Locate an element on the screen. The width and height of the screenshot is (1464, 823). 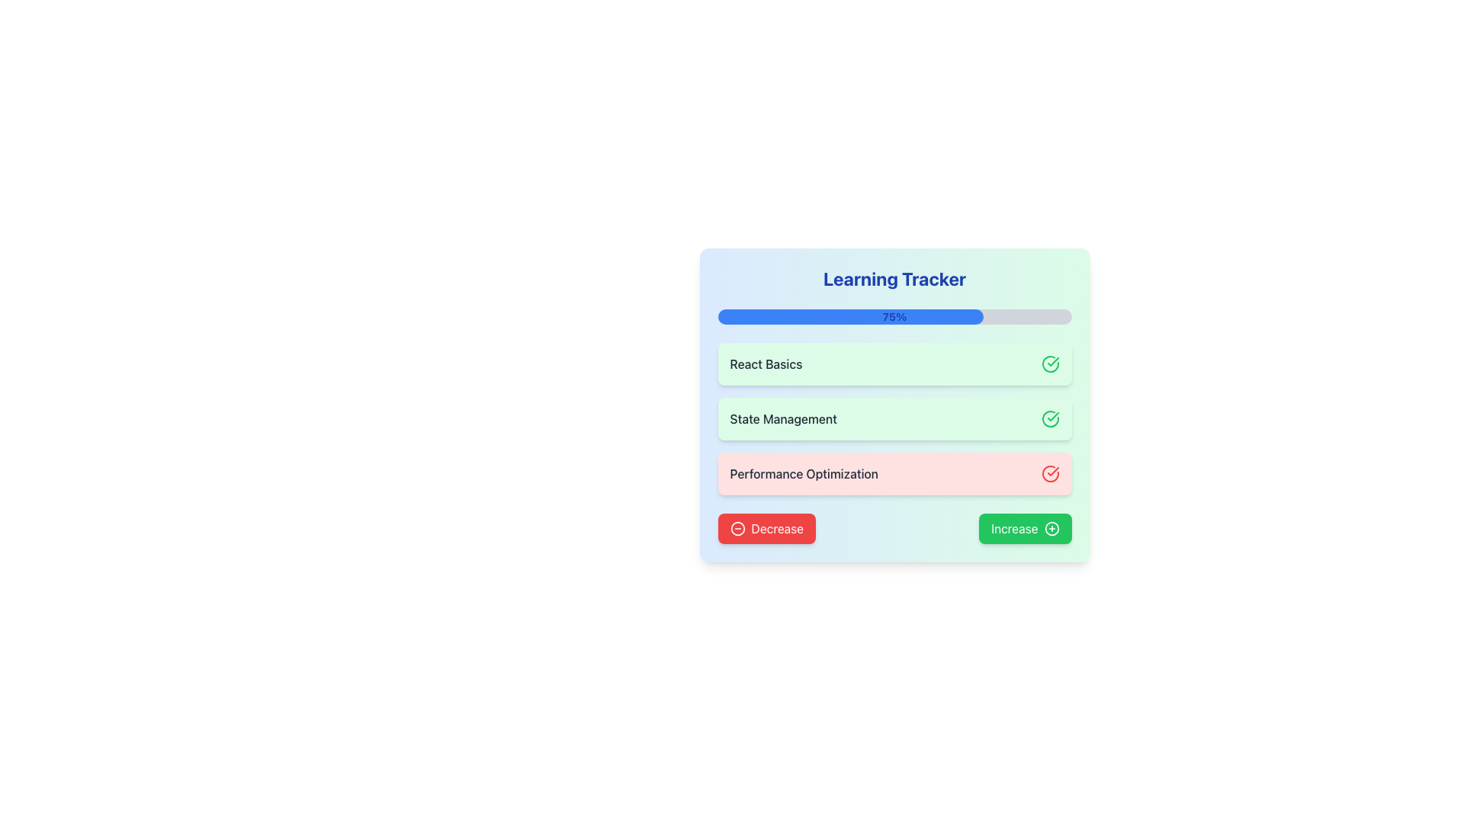
the second entry in the 'Learning Tracker' list, which indicates a completed or active topic is located at coordinates (894, 419).